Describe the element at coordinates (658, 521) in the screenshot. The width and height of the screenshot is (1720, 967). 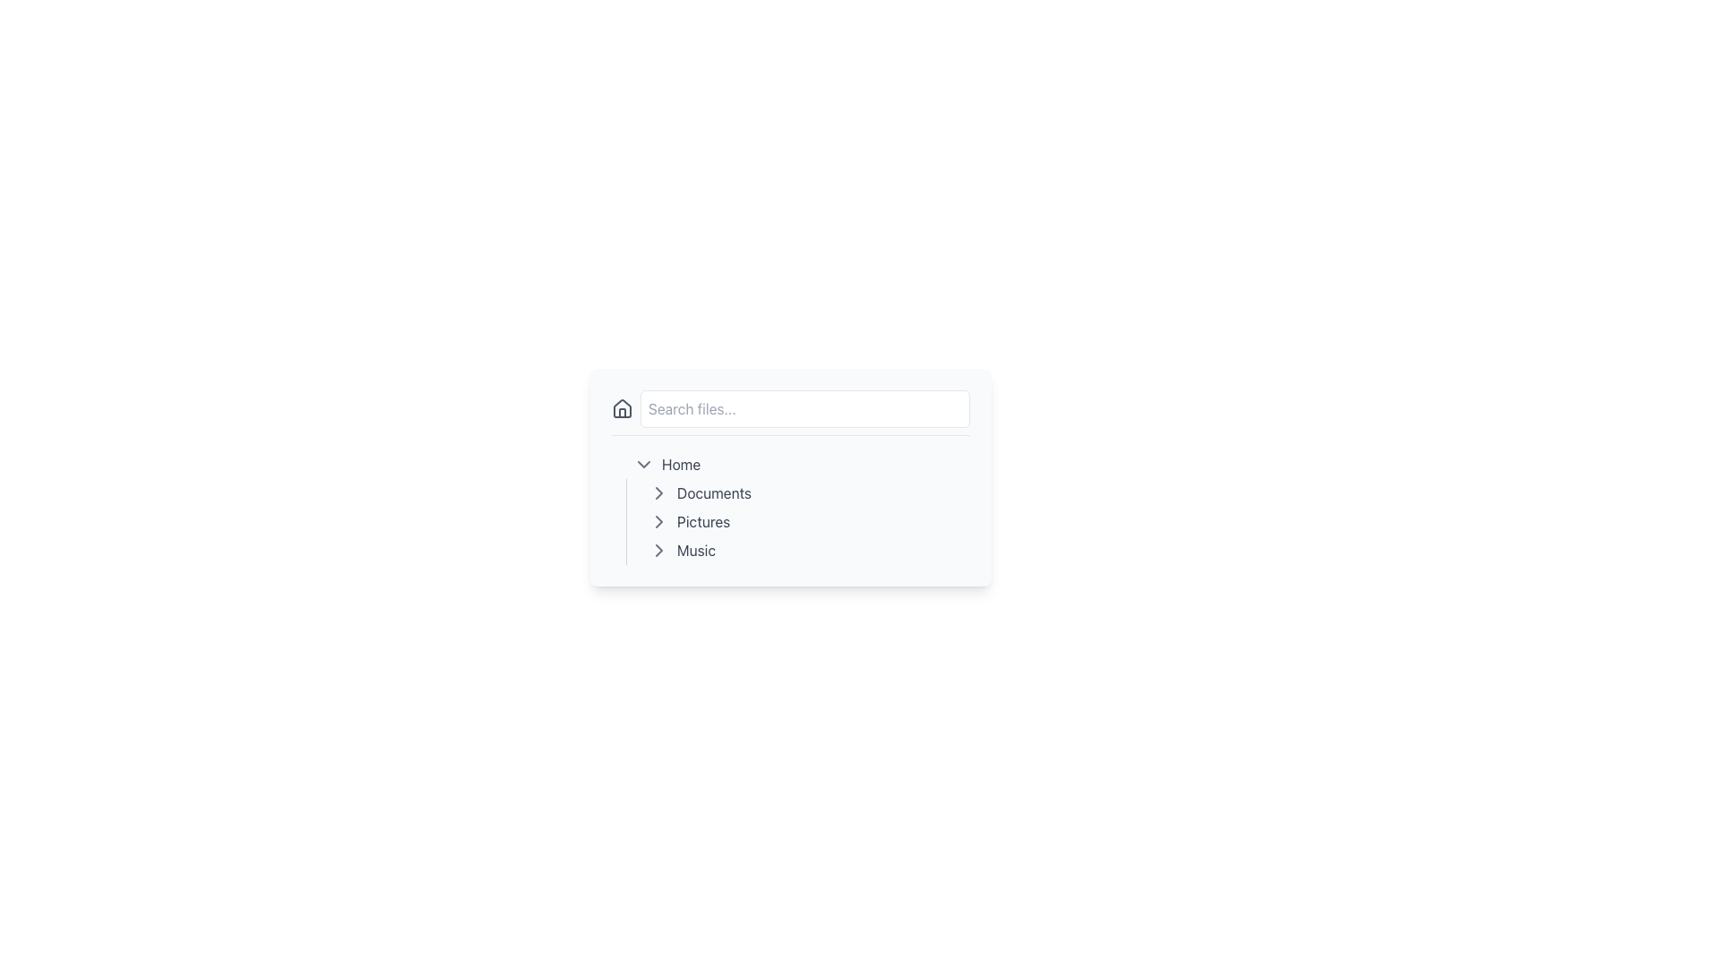
I see `the rightward-pointing chevron icon next to the 'Pictures' text in the vertical menu` at that location.